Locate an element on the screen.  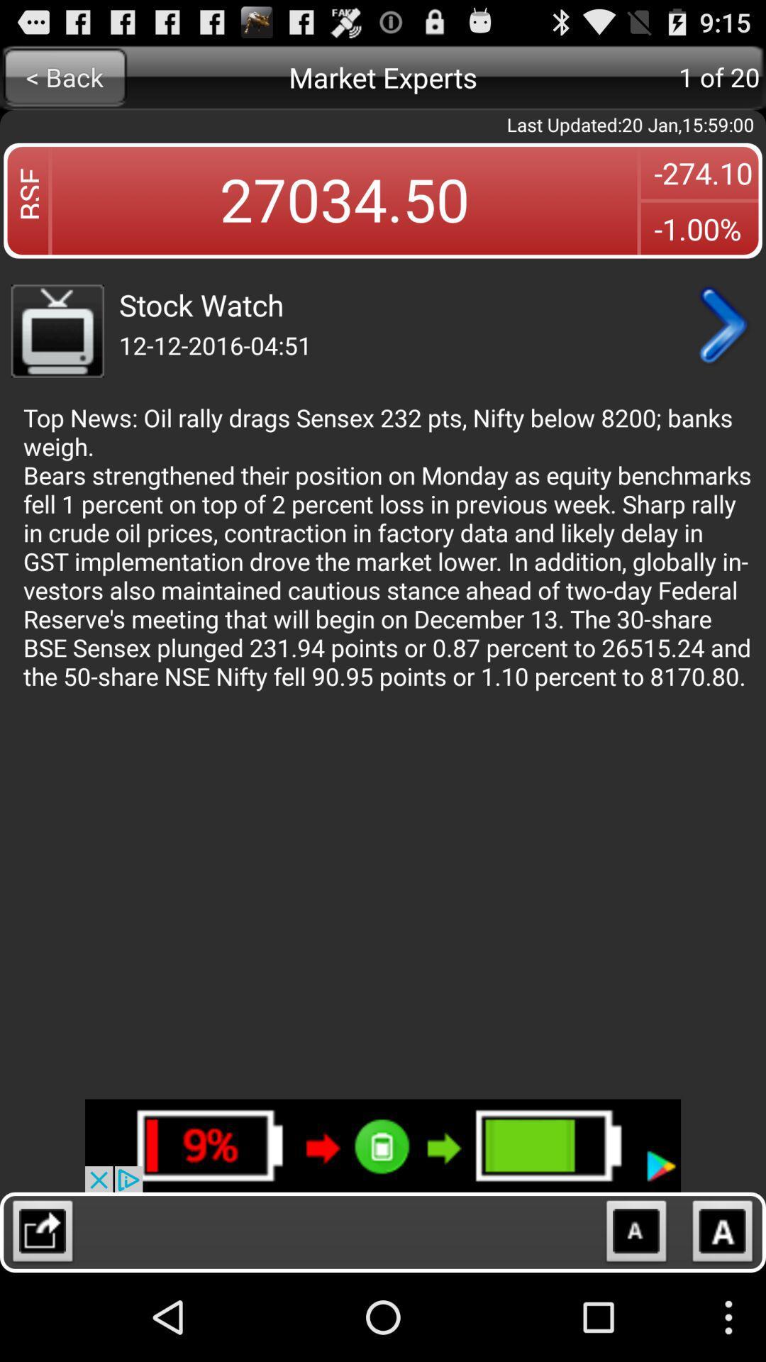
the font icon is located at coordinates (723, 1321).